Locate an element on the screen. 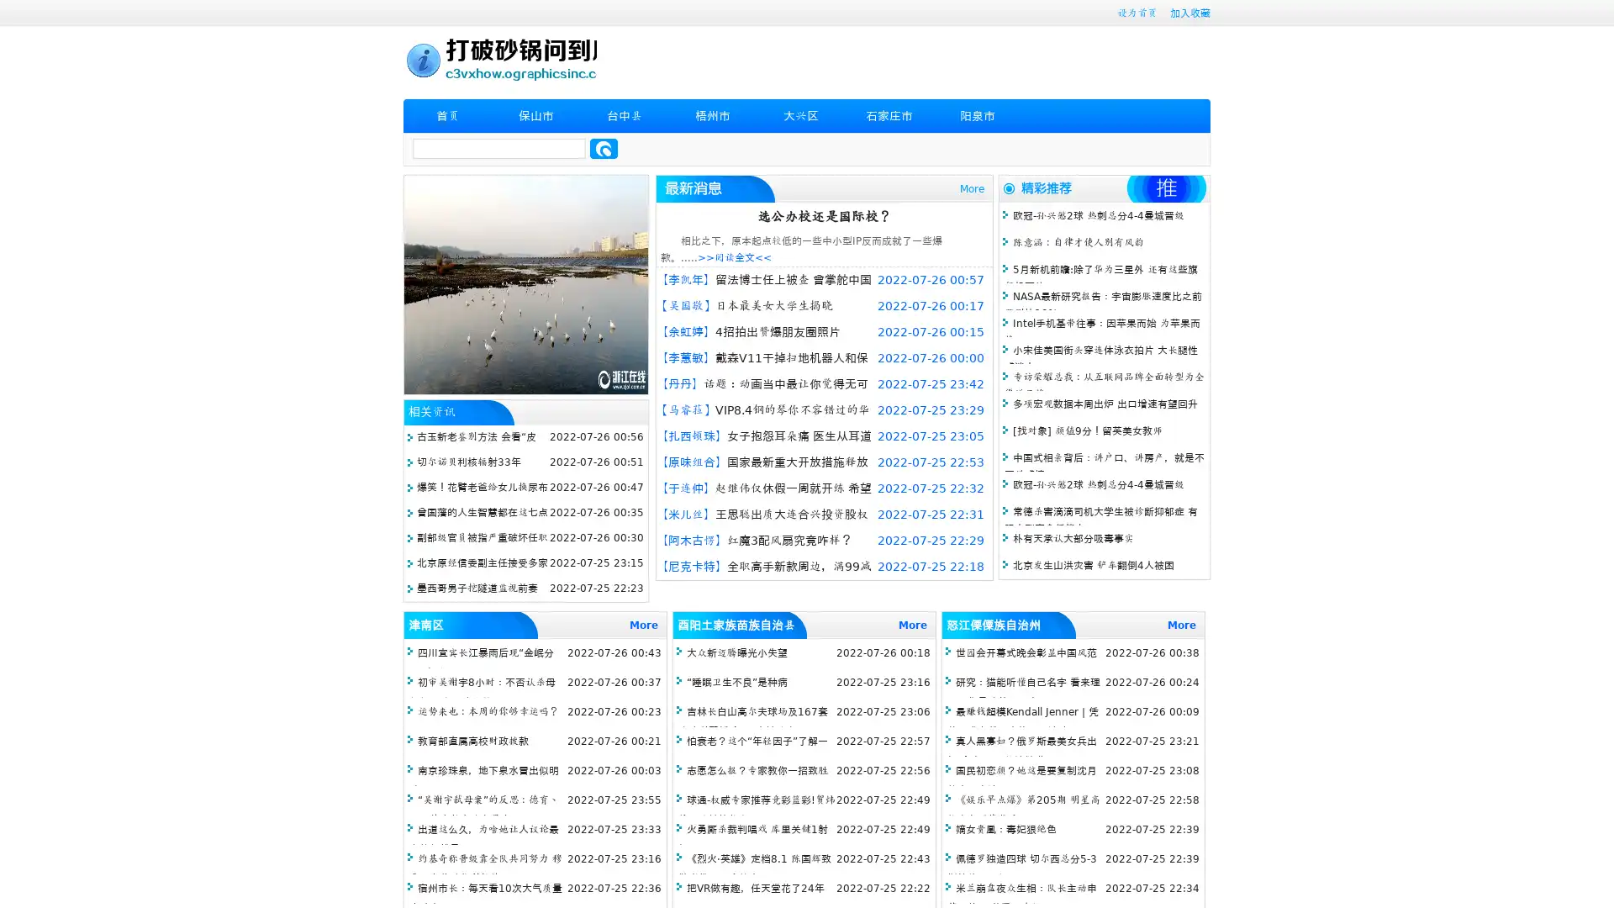 The width and height of the screenshot is (1614, 908). Search is located at coordinates (604, 148).